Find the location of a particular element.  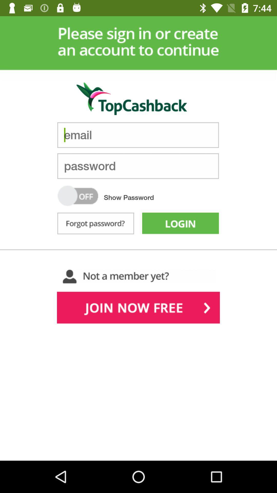

forget password is located at coordinates (96, 224).